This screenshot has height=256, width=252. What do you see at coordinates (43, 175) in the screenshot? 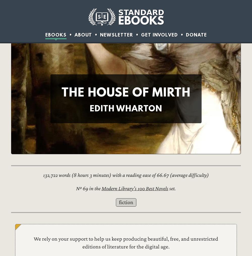
I see `'132,722 words (8 hours 3 minutes) with a reading ease of 66.67 (average difficulty)'` at bounding box center [43, 175].